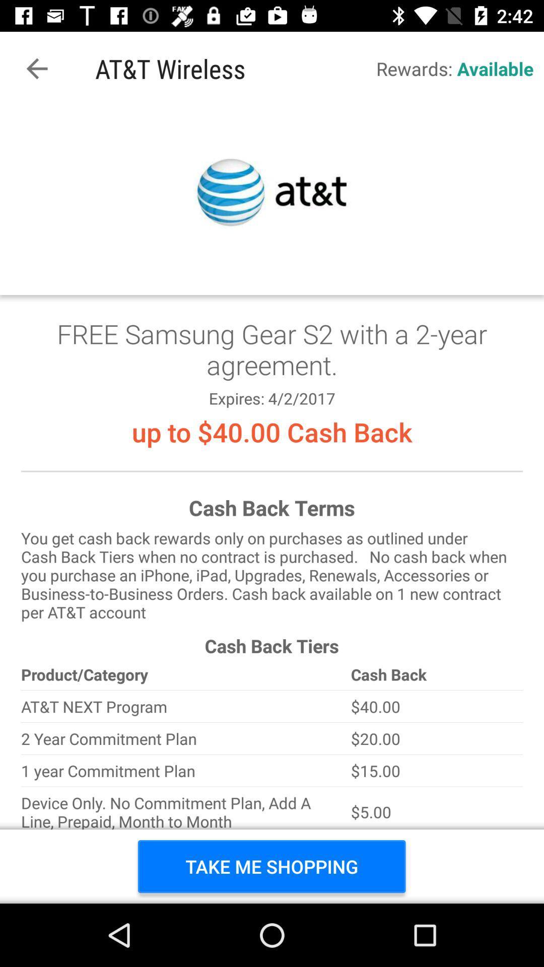 This screenshot has height=967, width=544. What do you see at coordinates (36, 68) in the screenshot?
I see `app to the left of at&t wireless` at bounding box center [36, 68].